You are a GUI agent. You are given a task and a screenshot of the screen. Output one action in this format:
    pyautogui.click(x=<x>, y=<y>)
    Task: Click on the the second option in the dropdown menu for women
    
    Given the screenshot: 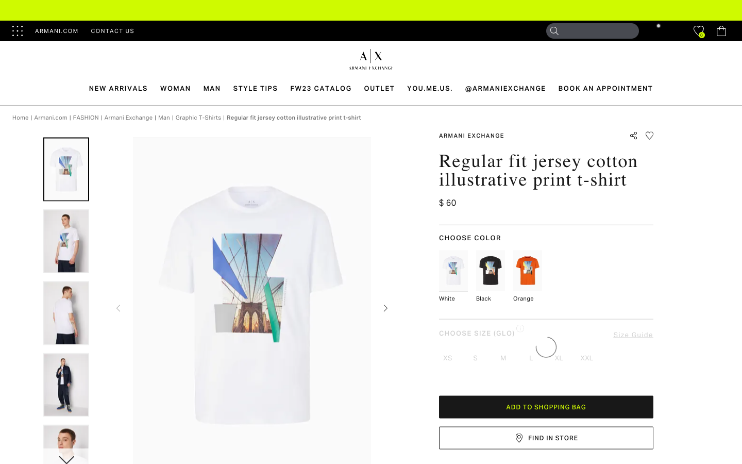 What is the action you would take?
    pyautogui.click(x=253022, y=79576)
    